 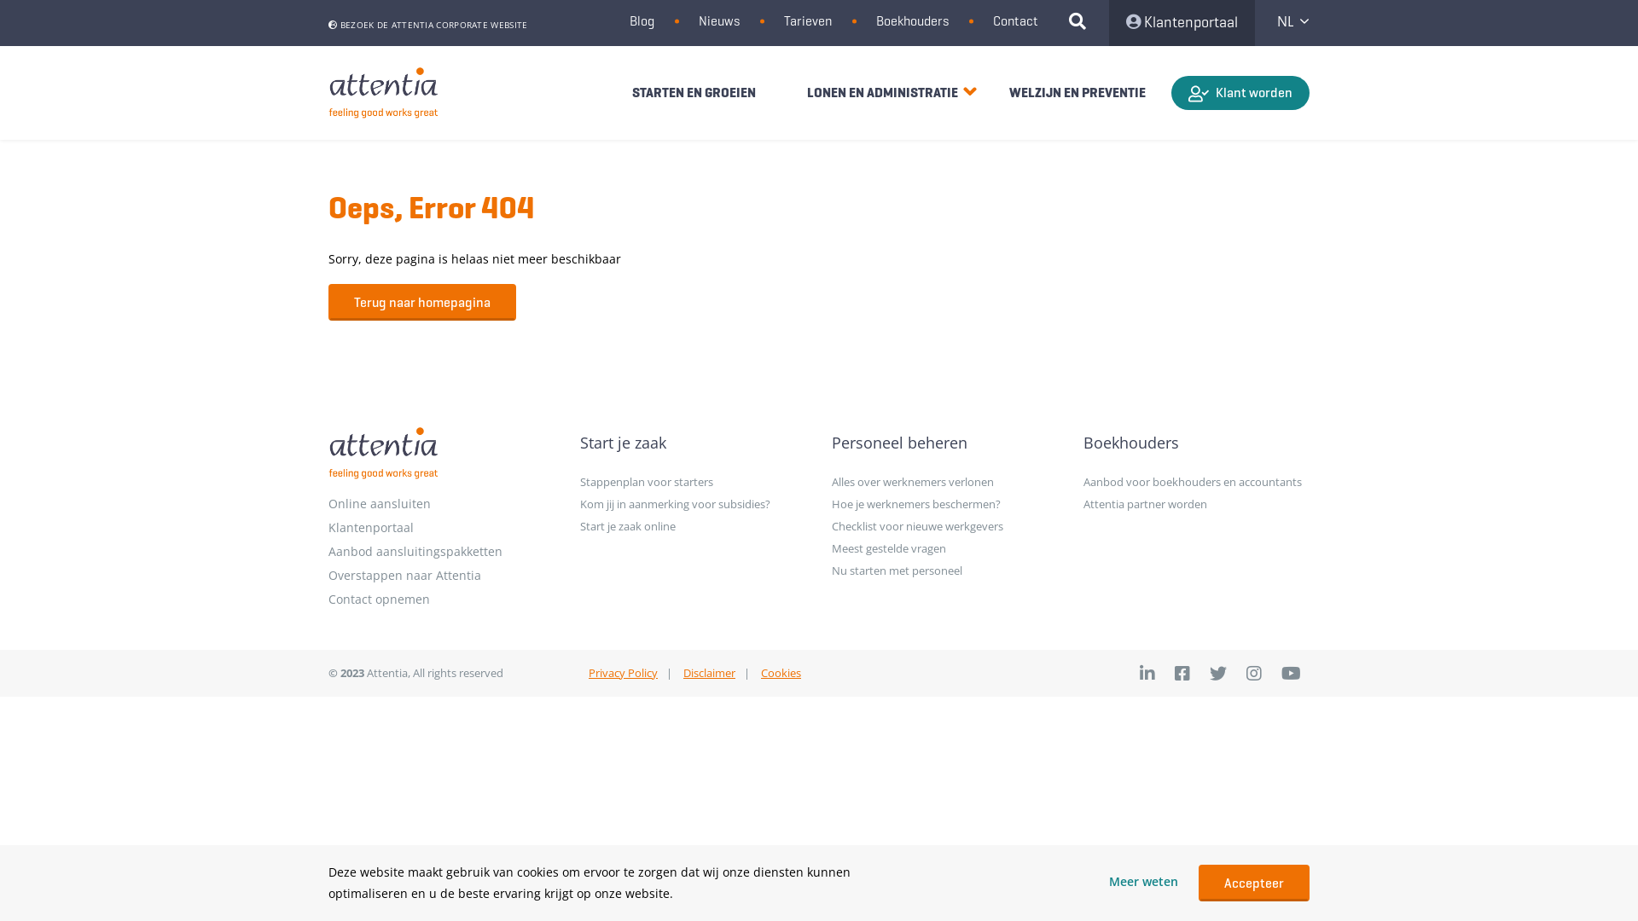 I want to click on 'BEZOEK DE ATTENTIA CORPORATE WEBSITE', so click(x=427, y=25).